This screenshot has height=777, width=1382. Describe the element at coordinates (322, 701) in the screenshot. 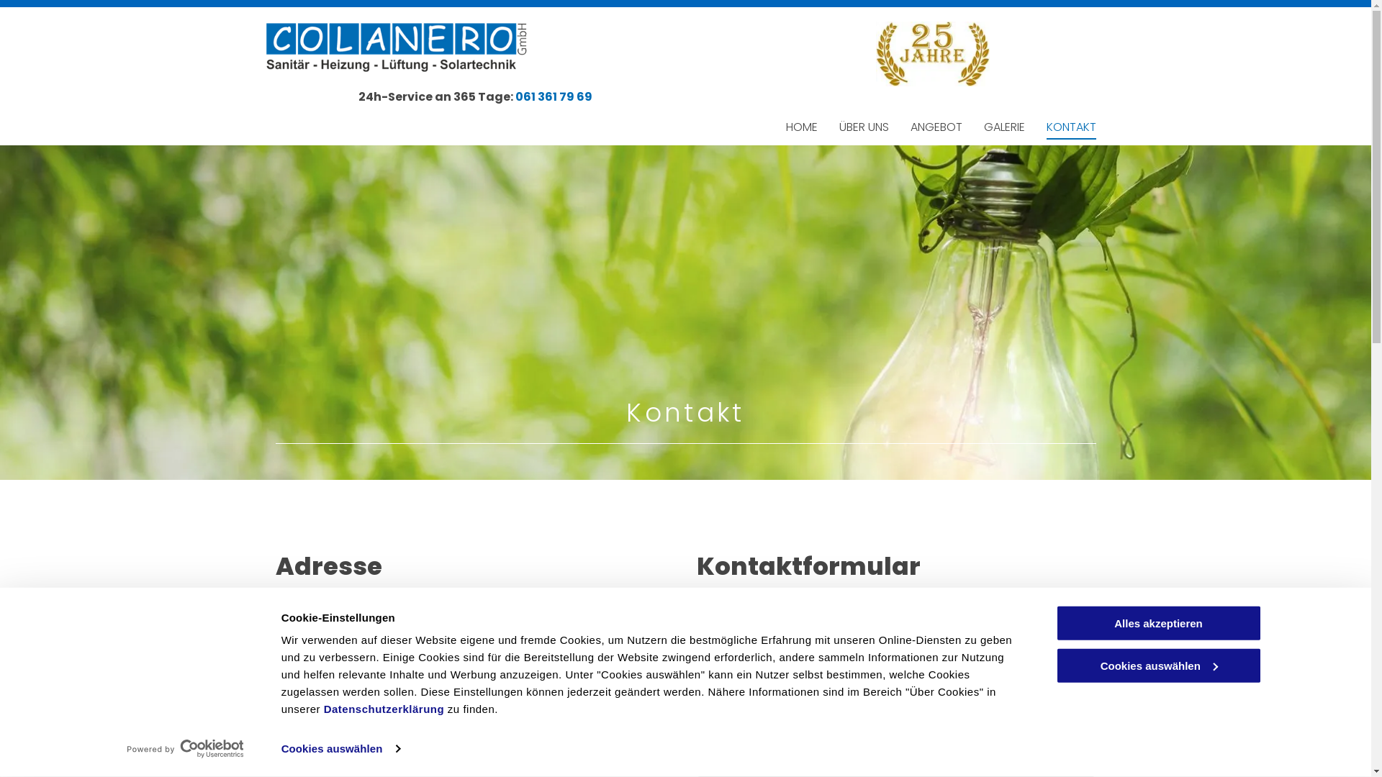

I see `'061 361 79 69'` at that location.